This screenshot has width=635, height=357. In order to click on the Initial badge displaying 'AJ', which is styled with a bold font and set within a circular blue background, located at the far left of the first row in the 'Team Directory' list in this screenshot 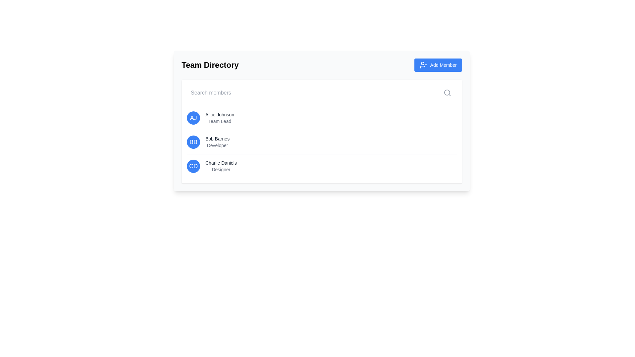, I will do `click(193, 118)`.